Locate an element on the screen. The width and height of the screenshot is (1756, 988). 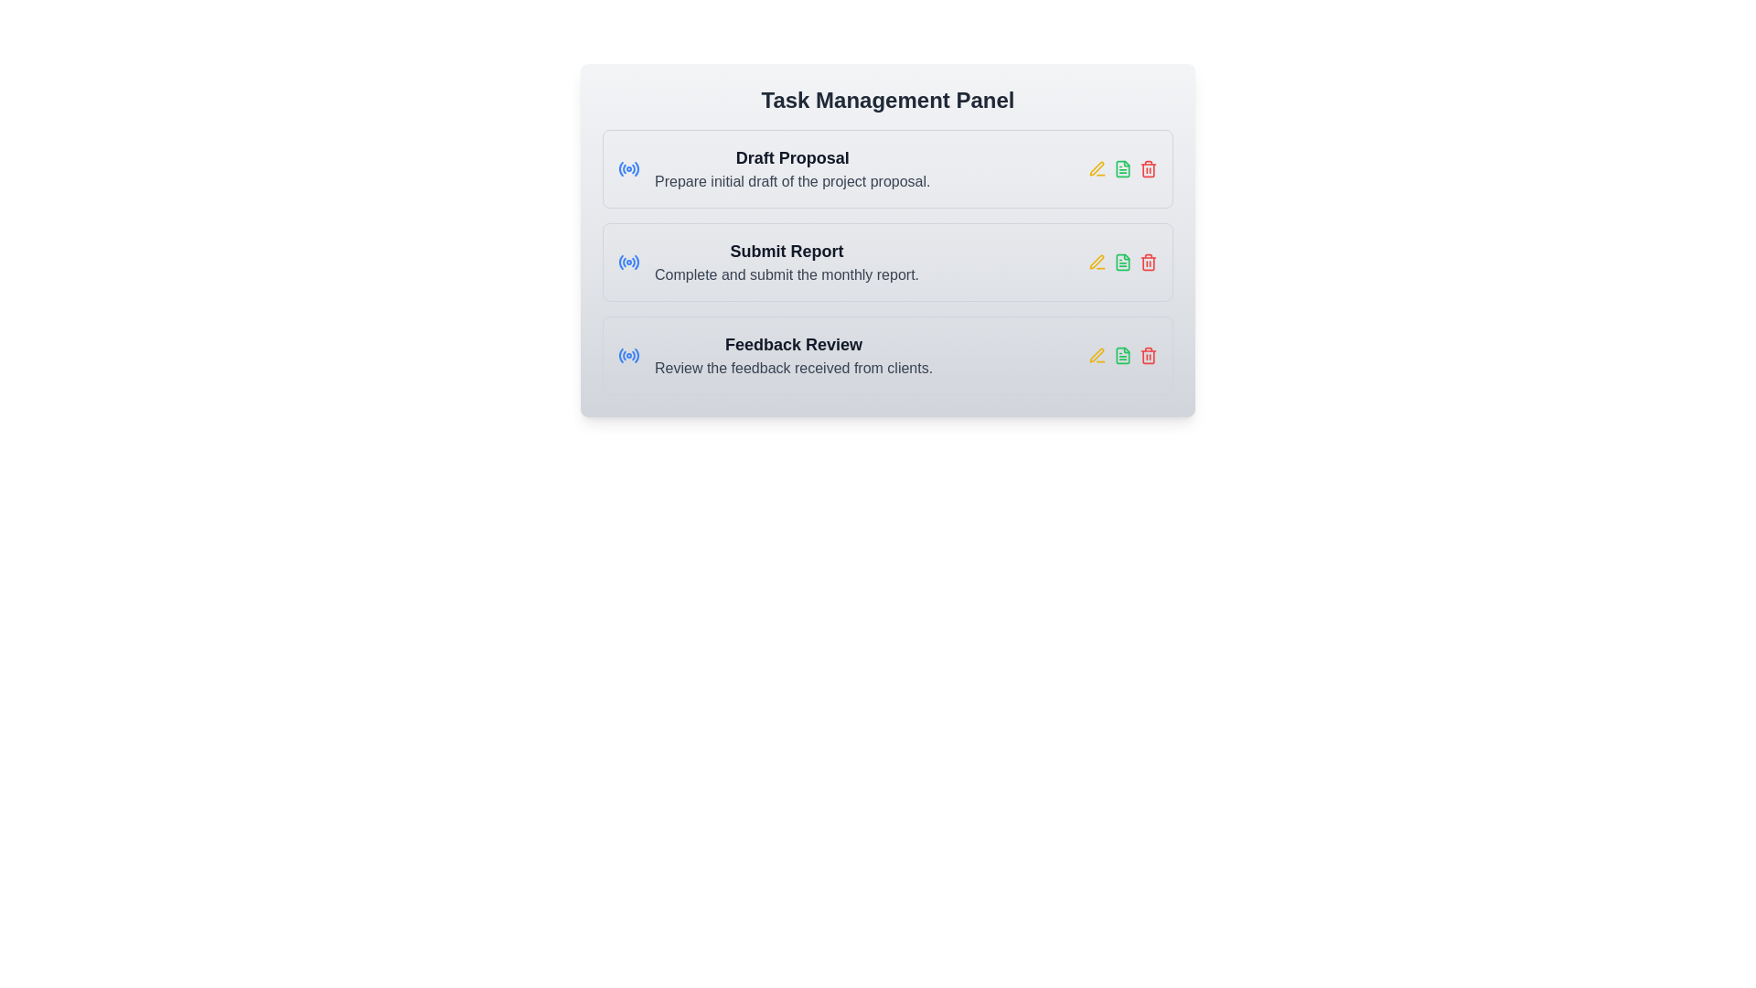
the text label that states 'Prepare initial draft of the project proposal.' located under the heading 'Draft Proposal.' is located at coordinates (792, 182).